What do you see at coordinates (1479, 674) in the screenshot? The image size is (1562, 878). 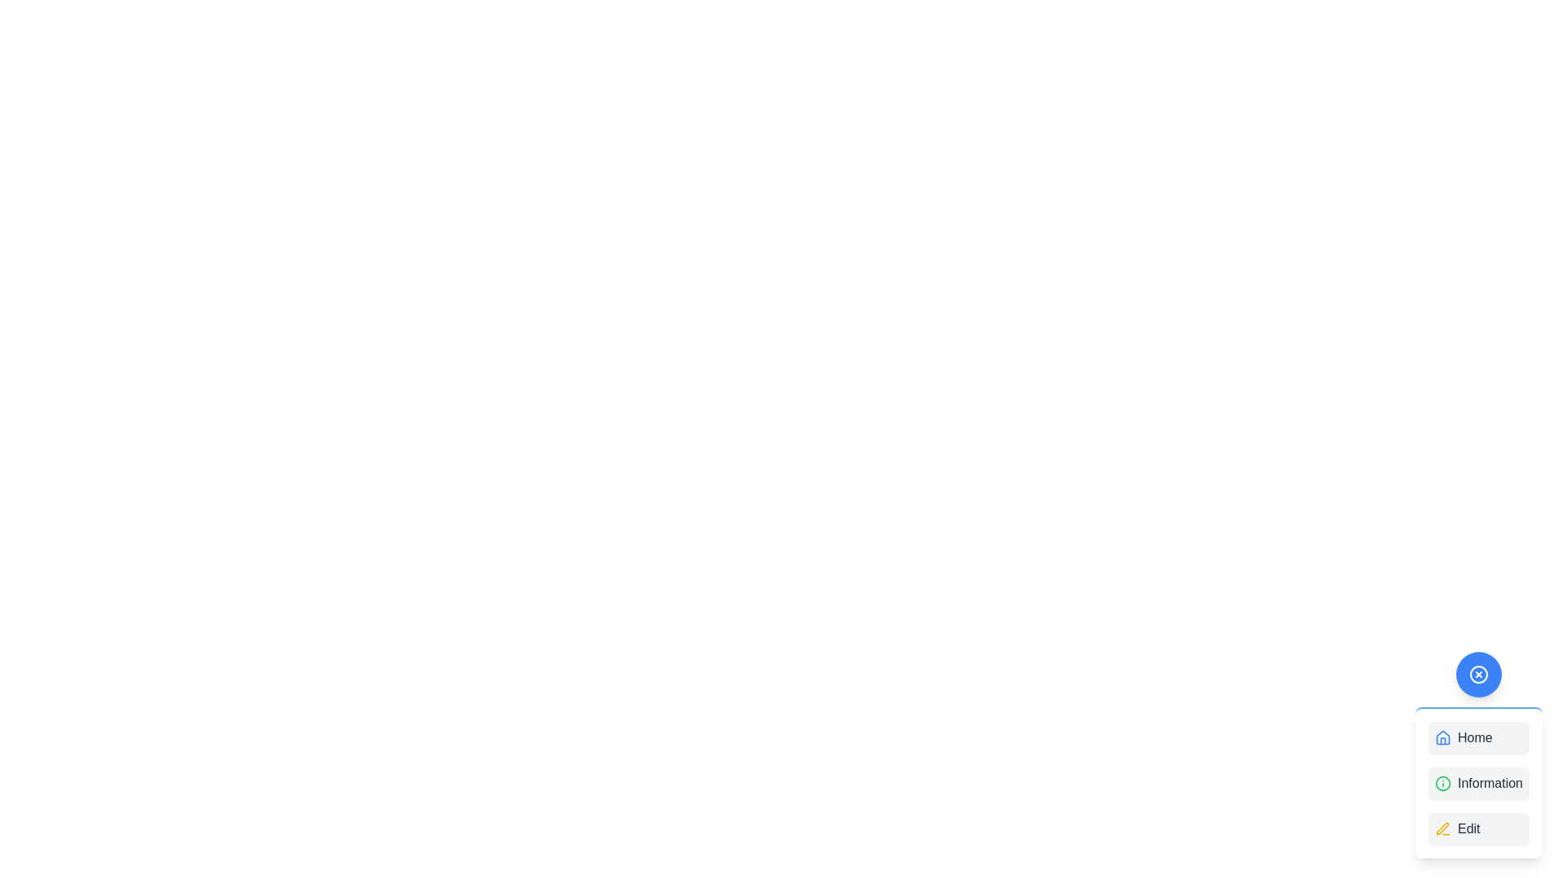 I see `the circular element that serves as the outer boundary of a closure or cancellation icon, which is styled in white on a blue background and located near the bottom-right corner of the interface` at bounding box center [1479, 674].